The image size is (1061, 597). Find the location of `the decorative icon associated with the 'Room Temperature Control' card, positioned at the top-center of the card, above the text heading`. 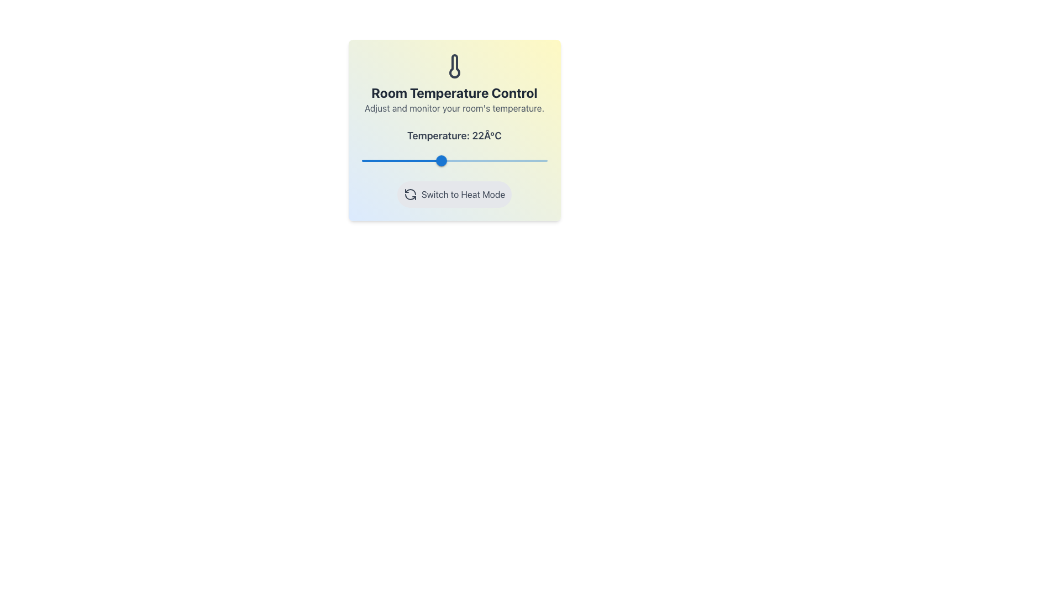

the decorative icon associated with the 'Room Temperature Control' card, positioned at the top-center of the card, above the text heading is located at coordinates (454, 66).